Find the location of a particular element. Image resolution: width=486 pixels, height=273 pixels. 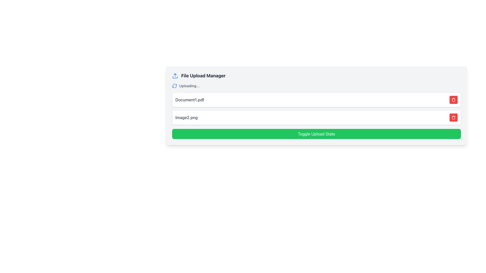

the SVG Icon representing the upload capability in the 'File Upload Manager' interface, located to the left of the 'File Upload Manager' text in the header bar is located at coordinates (175, 76).